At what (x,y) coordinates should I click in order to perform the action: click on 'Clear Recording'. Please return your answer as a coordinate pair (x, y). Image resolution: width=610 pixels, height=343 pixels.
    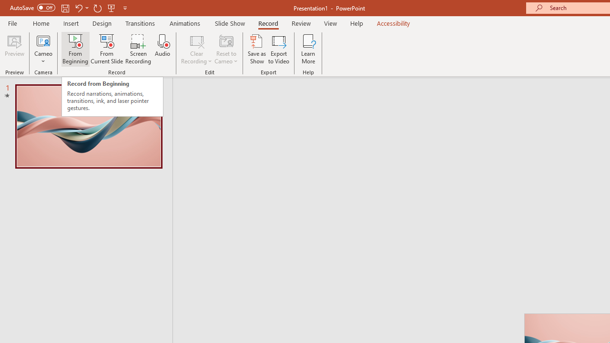
    Looking at the image, I should click on (196, 49).